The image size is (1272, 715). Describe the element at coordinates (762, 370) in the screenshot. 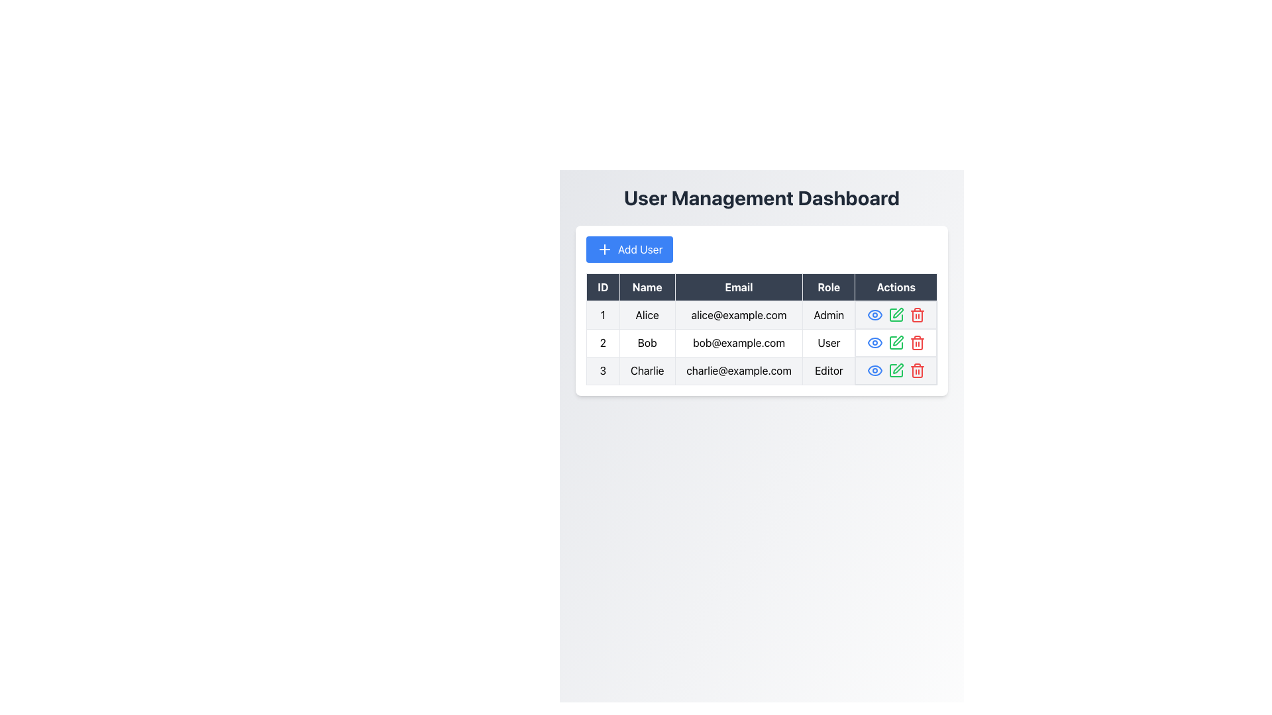

I see `the table row containing the text '3 Charlie charlie@example.com Editor'` at that location.